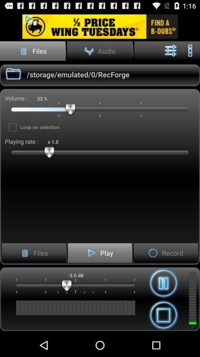 This screenshot has height=357, width=200. Describe the element at coordinates (171, 54) in the screenshot. I see `the sliders icon` at that location.